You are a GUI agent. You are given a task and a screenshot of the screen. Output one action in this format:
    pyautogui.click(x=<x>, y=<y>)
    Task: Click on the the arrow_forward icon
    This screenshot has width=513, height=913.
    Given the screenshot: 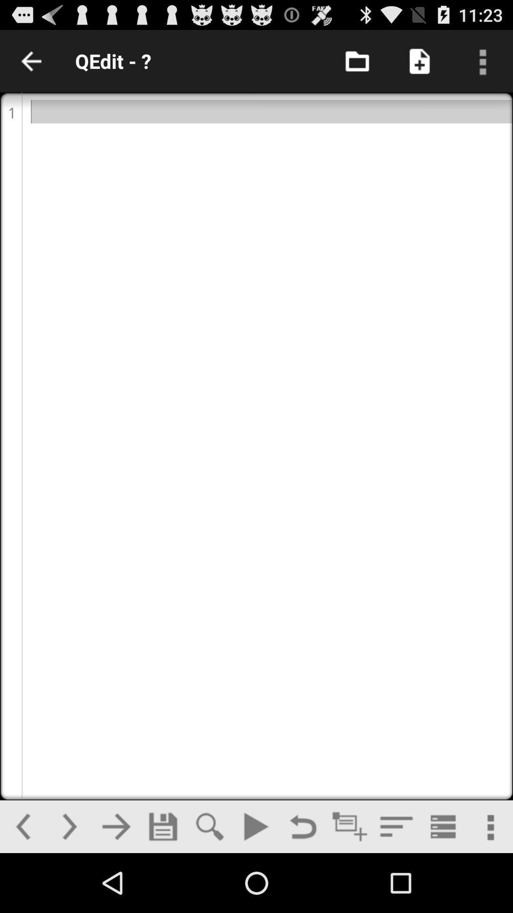 What is the action you would take?
    pyautogui.click(x=69, y=884)
    